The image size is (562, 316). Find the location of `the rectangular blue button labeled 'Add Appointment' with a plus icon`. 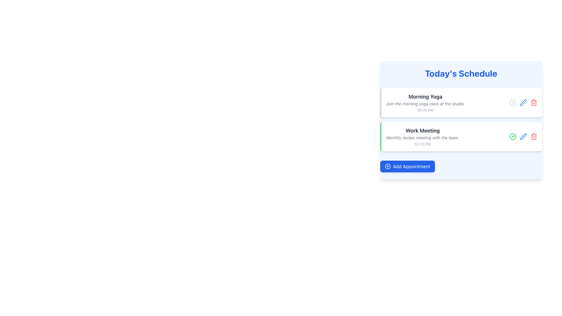

the rectangular blue button labeled 'Add Appointment' with a plus icon is located at coordinates (407, 166).